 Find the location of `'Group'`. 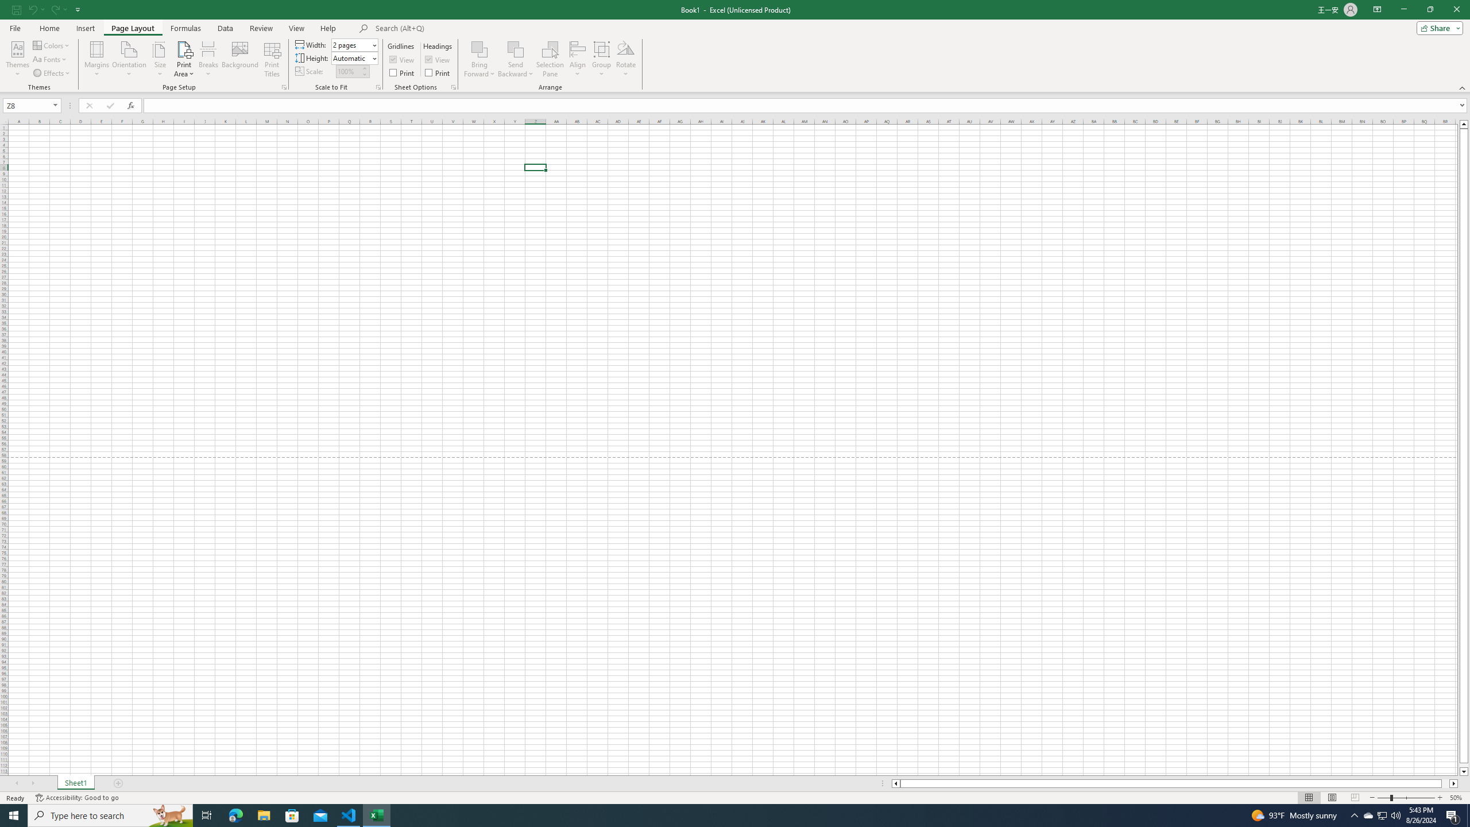

'Group' is located at coordinates (601, 59).